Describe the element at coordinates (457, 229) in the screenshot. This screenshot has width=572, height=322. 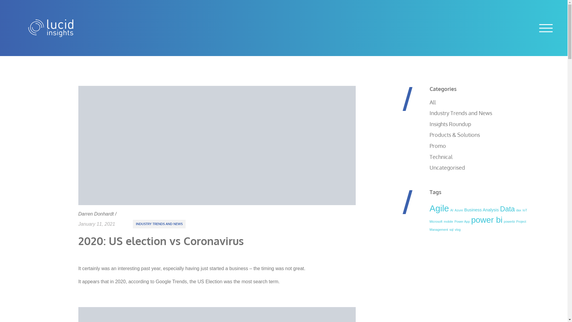
I see `'vlog'` at that location.